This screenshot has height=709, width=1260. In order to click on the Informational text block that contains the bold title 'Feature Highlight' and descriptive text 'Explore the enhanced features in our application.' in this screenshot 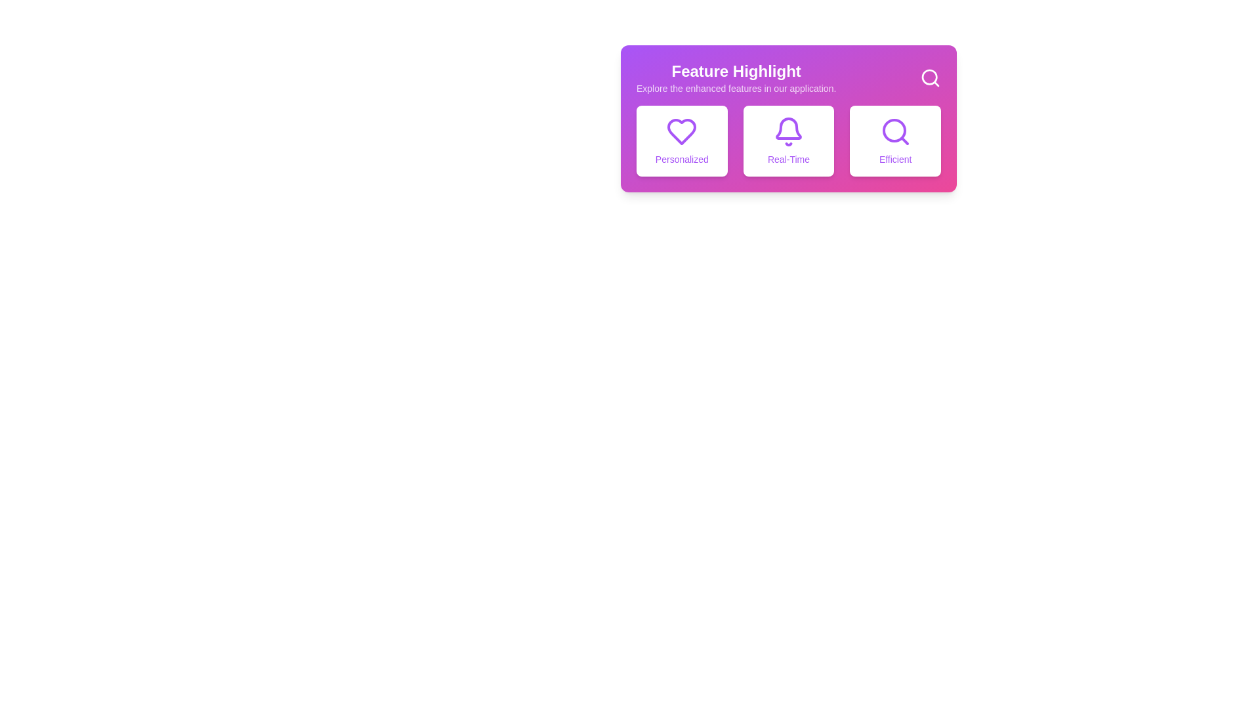, I will do `click(736, 78)`.